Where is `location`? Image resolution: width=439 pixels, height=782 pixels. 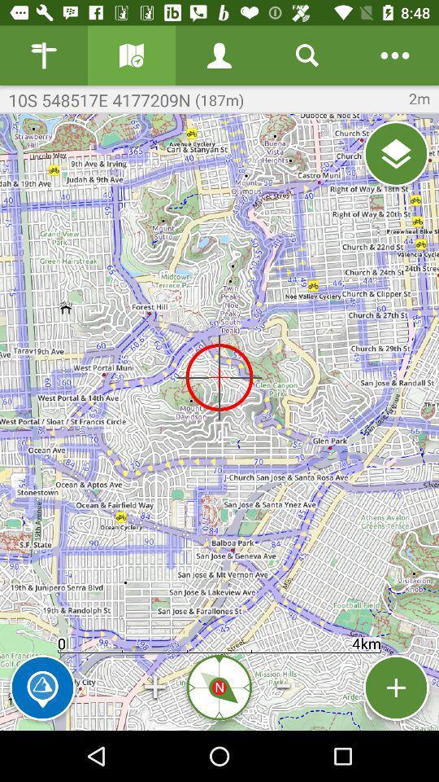
location is located at coordinates (395, 154).